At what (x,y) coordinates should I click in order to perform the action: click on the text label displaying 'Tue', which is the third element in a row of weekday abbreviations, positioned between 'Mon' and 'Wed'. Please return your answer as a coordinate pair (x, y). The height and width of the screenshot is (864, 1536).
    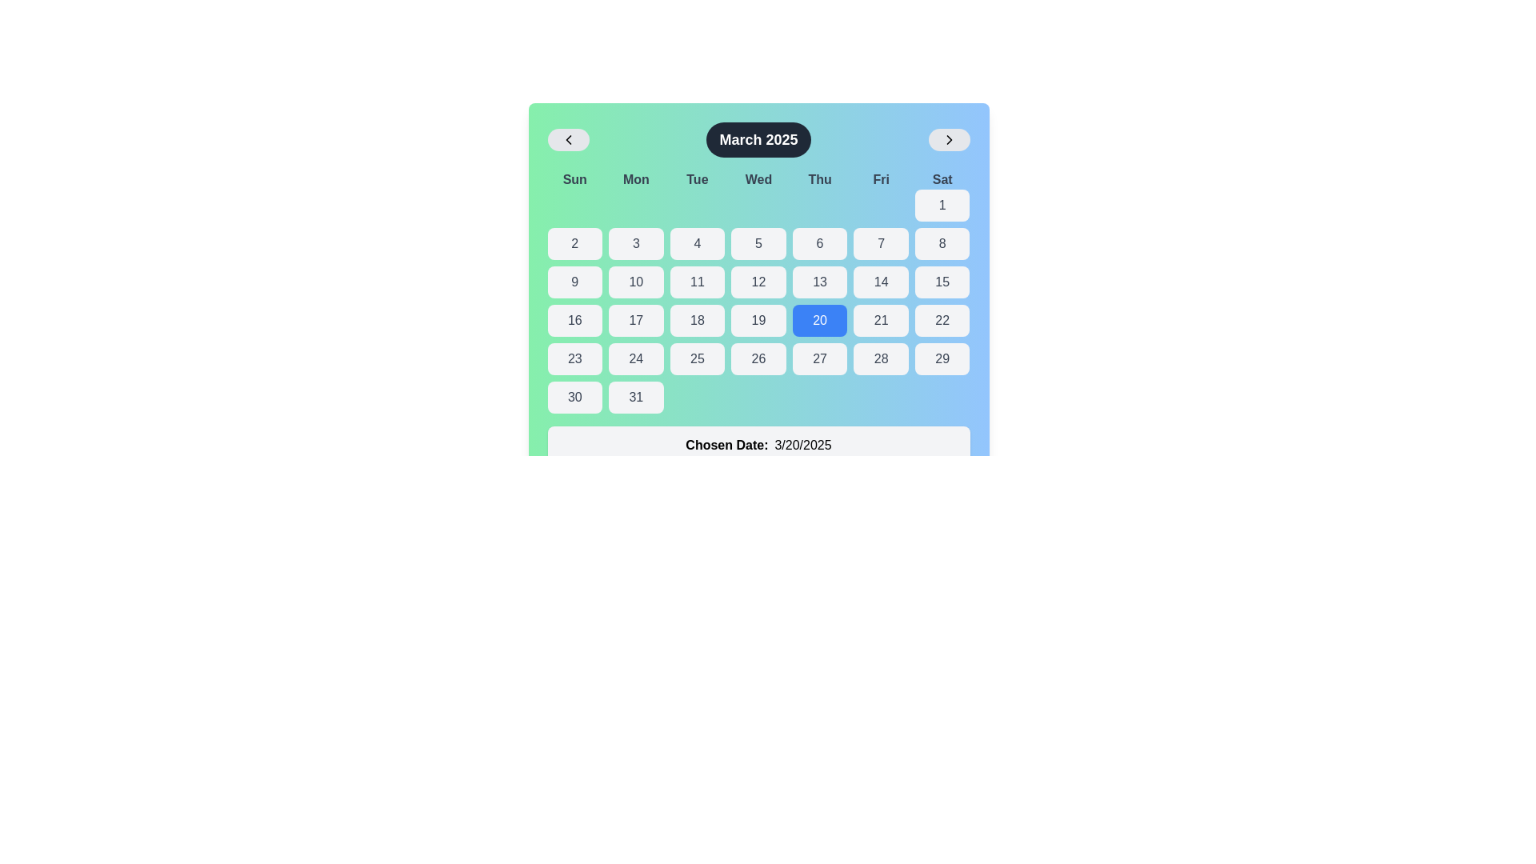
    Looking at the image, I should click on (697, 179).